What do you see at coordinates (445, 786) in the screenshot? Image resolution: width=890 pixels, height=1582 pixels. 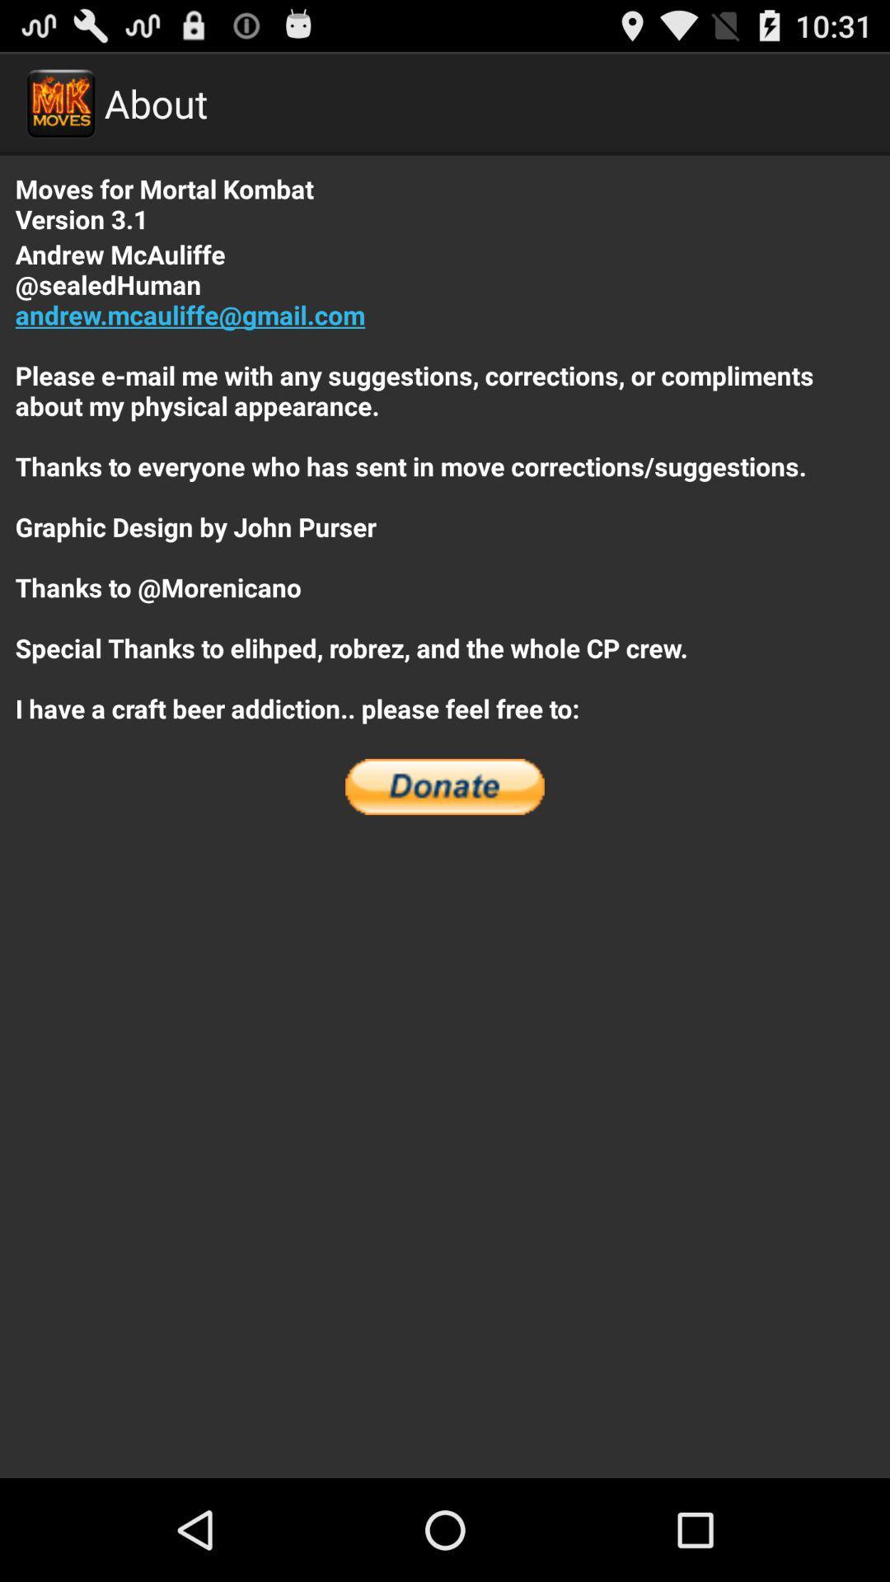 I see `the icon at the center` at bounding box center [445, 786].